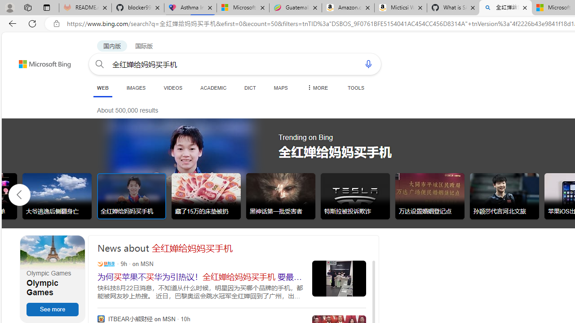  I want to click on 'ACADEMIC', so click(213, 87).